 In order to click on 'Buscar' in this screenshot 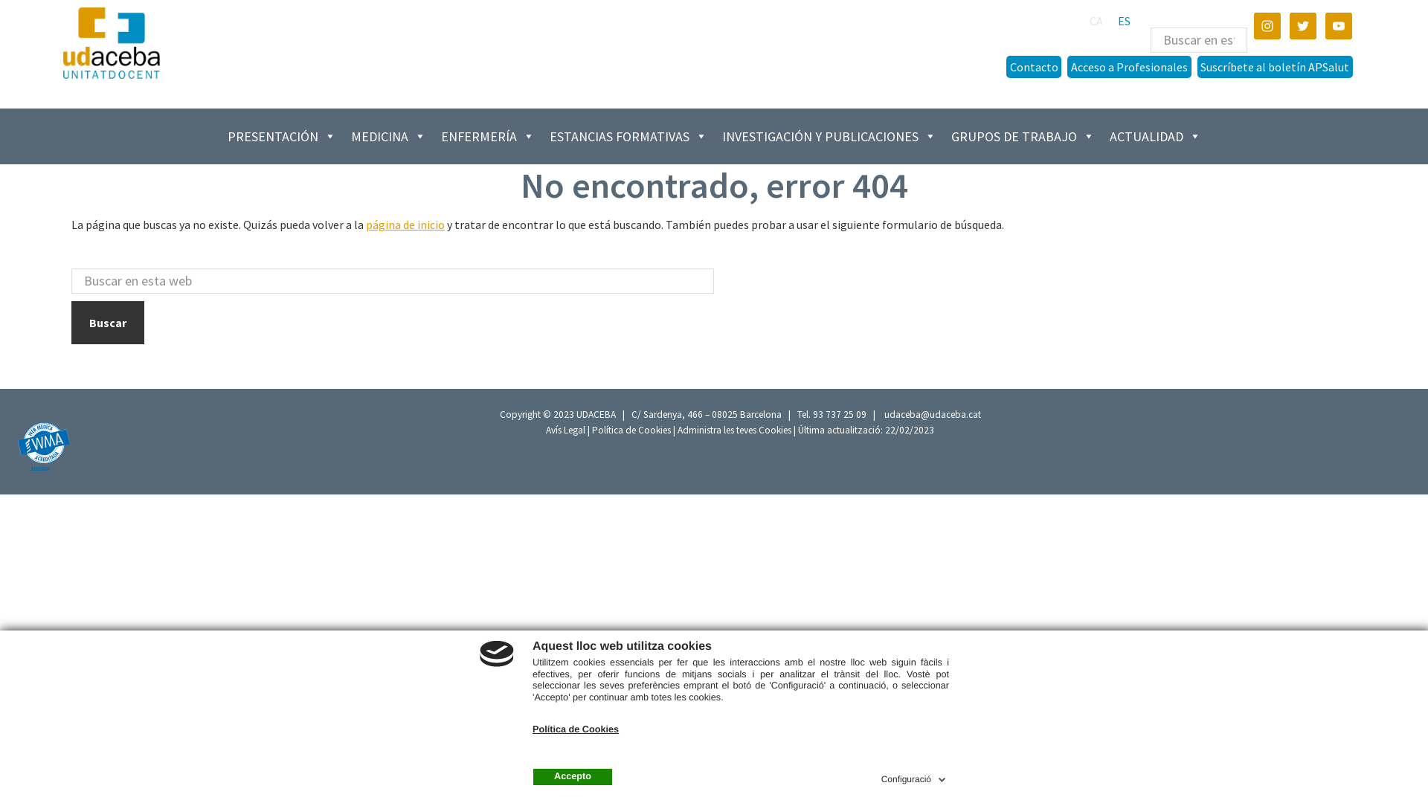, I will do `click(106, 320)`.